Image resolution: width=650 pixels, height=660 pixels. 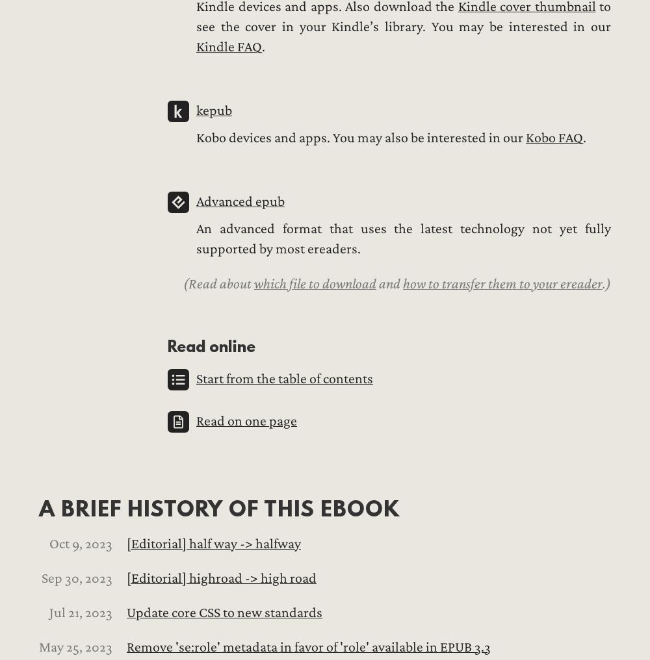 What do you see at coordinates (389, 283) in the screenshot?
I see `'and'` at bounding box center [389, 283].